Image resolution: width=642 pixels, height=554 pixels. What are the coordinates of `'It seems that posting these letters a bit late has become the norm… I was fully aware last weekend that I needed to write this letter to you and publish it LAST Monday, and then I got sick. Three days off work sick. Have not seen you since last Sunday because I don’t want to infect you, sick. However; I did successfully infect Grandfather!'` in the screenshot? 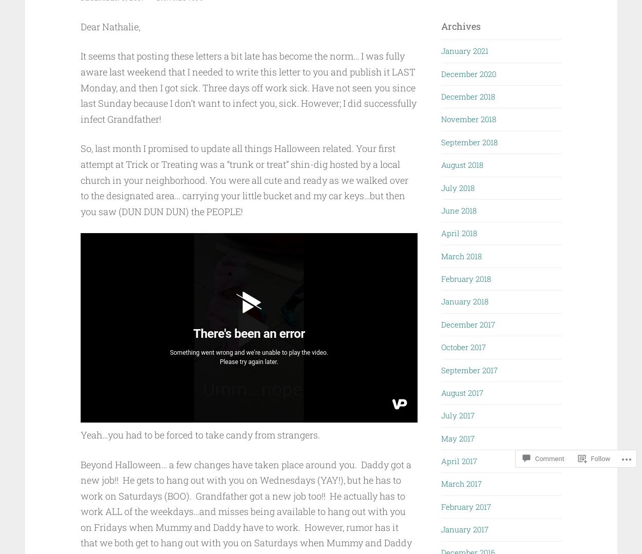 It's located at (248, 87).